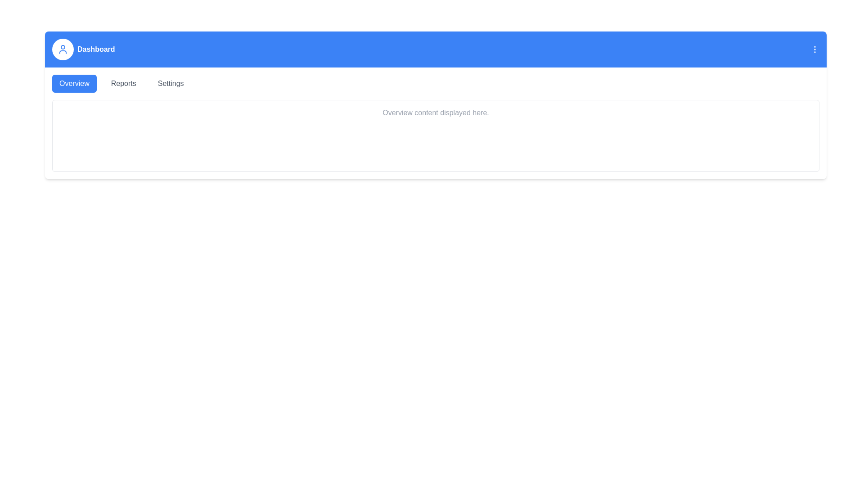  What do you see at coordinates (96, 49) in the screenshot?
I see `the bold 'Dashboard' text label located in the navigation bar, positioned to the right of the user profile icon` at bounding box center [96, 49].